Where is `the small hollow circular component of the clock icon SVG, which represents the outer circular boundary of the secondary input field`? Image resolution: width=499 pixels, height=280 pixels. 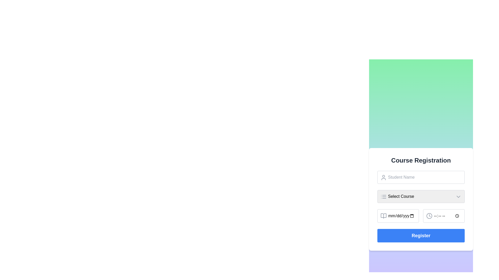
the small hollow circular component of the clock icon SVG, which represents the outer circular boundary of the secondary input field is located at coordinates (429, 216).